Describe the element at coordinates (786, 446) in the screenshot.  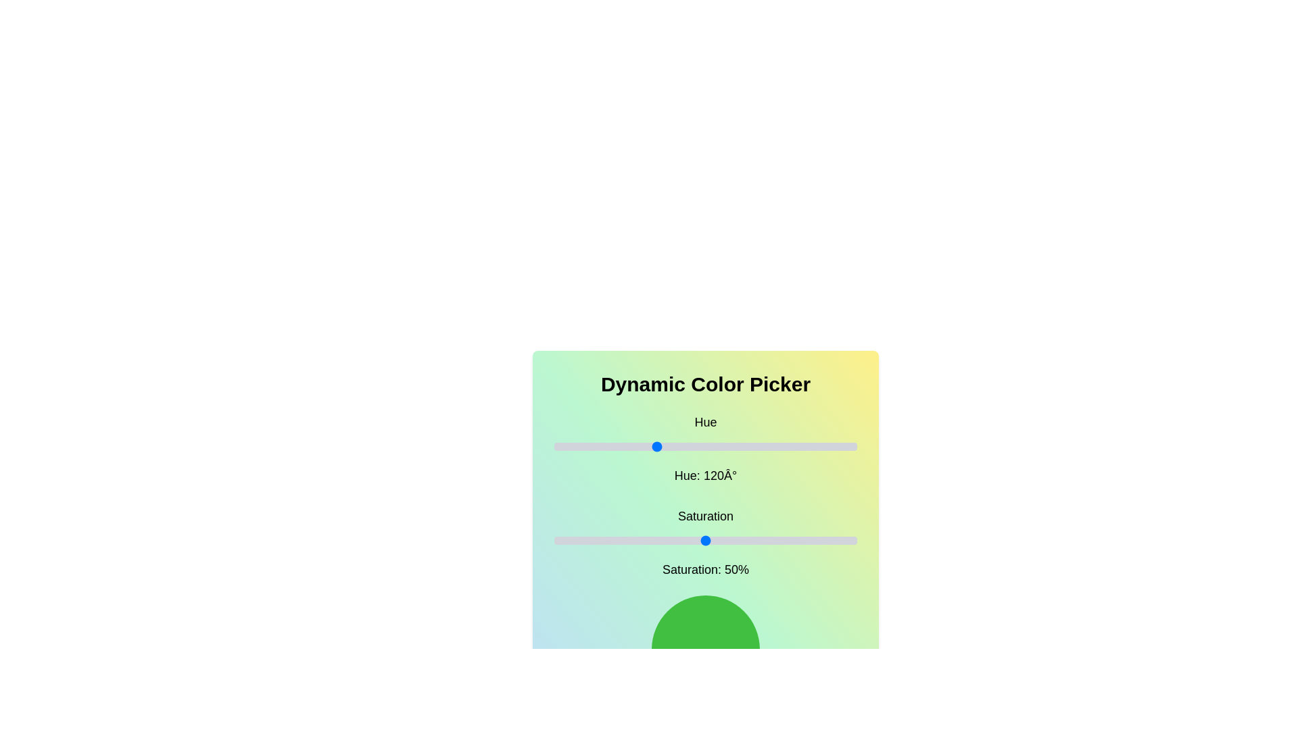
I see `the hue slider to set the hue to 276` at that location.